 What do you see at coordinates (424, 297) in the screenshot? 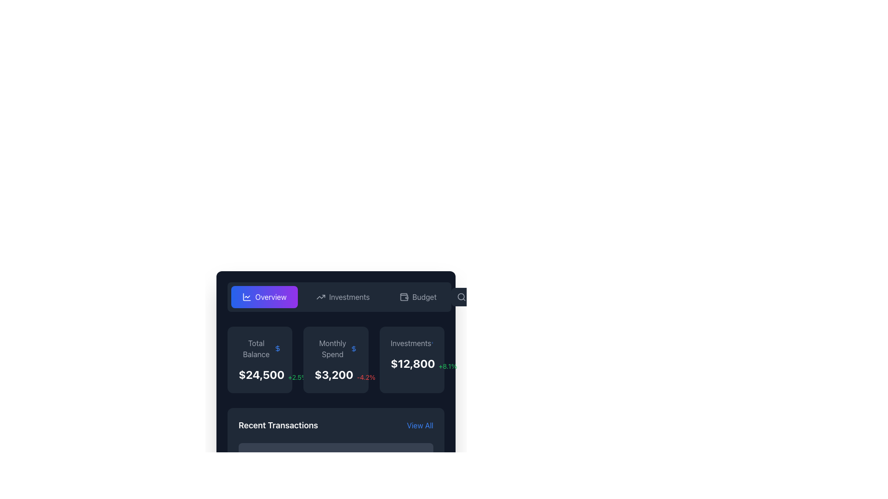
I see `the 'Budget' text label, which is styled for high contrast against a dark background and positioned next to a wallet icon in the navigation bar` at bounding box center [424, 297].